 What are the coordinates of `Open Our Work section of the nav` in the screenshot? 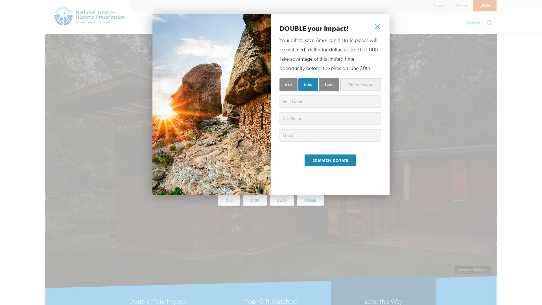 It's located at (275, 22).